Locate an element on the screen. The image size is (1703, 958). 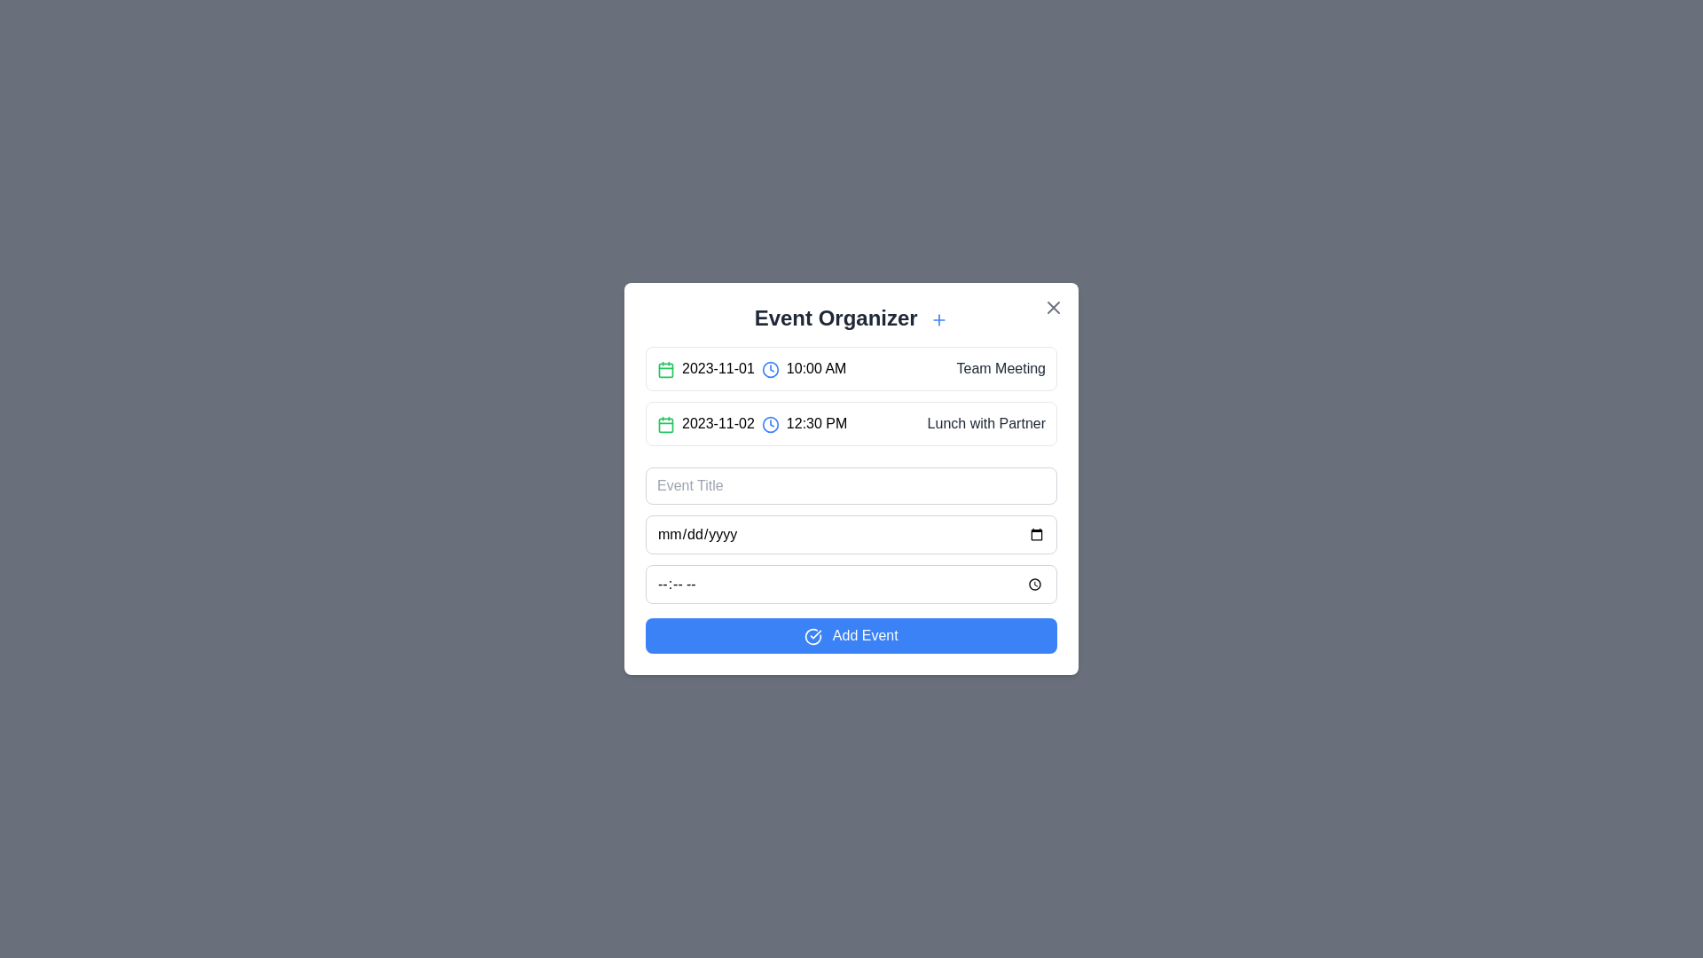
green rounded rectangle within the calendar icon located in the top left corner of the interface for details or context is located at coordinates (664, 368).